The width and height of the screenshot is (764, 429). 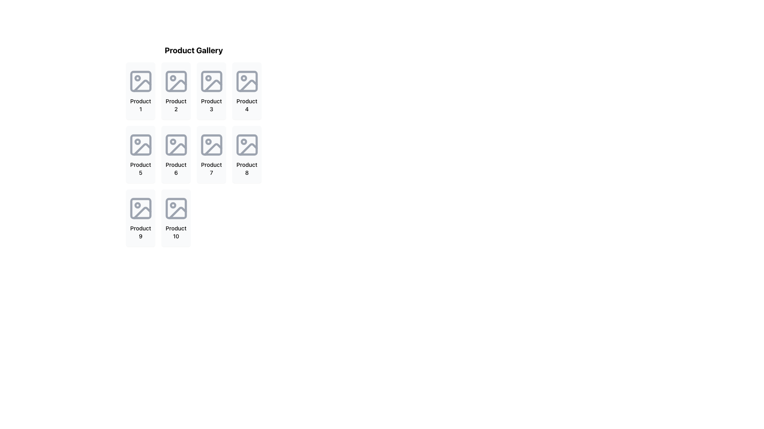 I want to click on text from the Label element displaying 'Product 5', which is located in the second row, first column of the product gallery grid layout, so click(x=140, y=168).